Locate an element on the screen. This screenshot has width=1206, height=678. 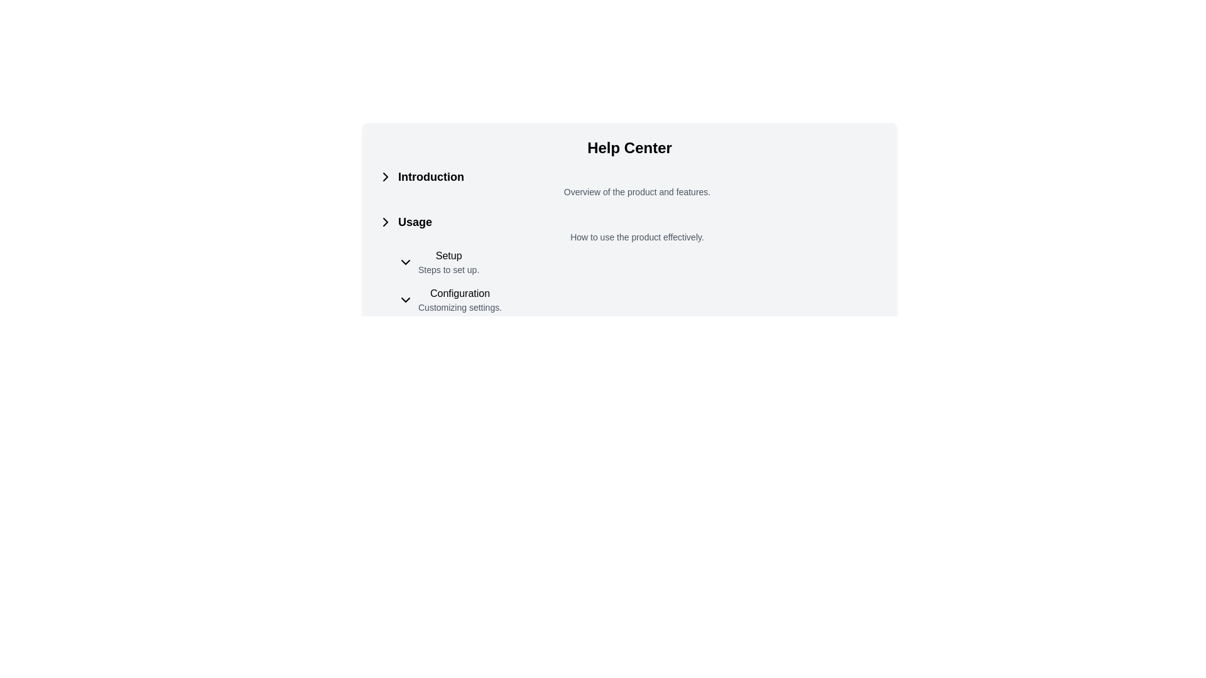
the right-facing chevron icon next to the 'Usage' text to toggle the section is located at coordinates (385, 222).